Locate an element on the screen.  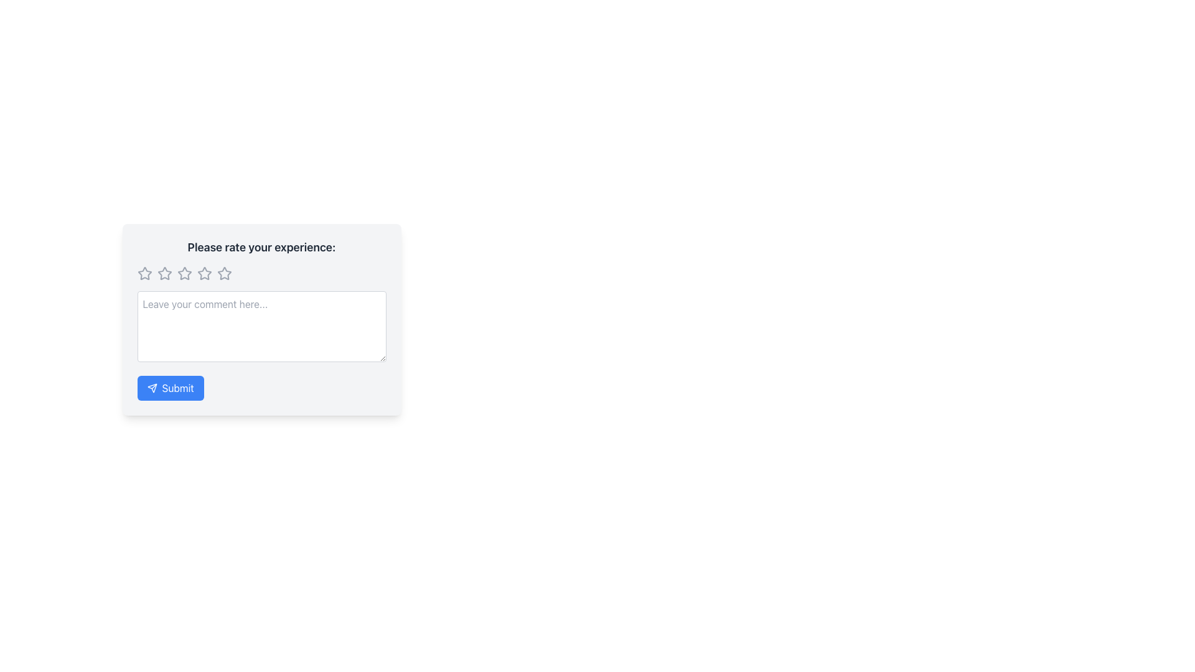
the leftmost star icon in the rating interface is located at coordinates (144, 273).